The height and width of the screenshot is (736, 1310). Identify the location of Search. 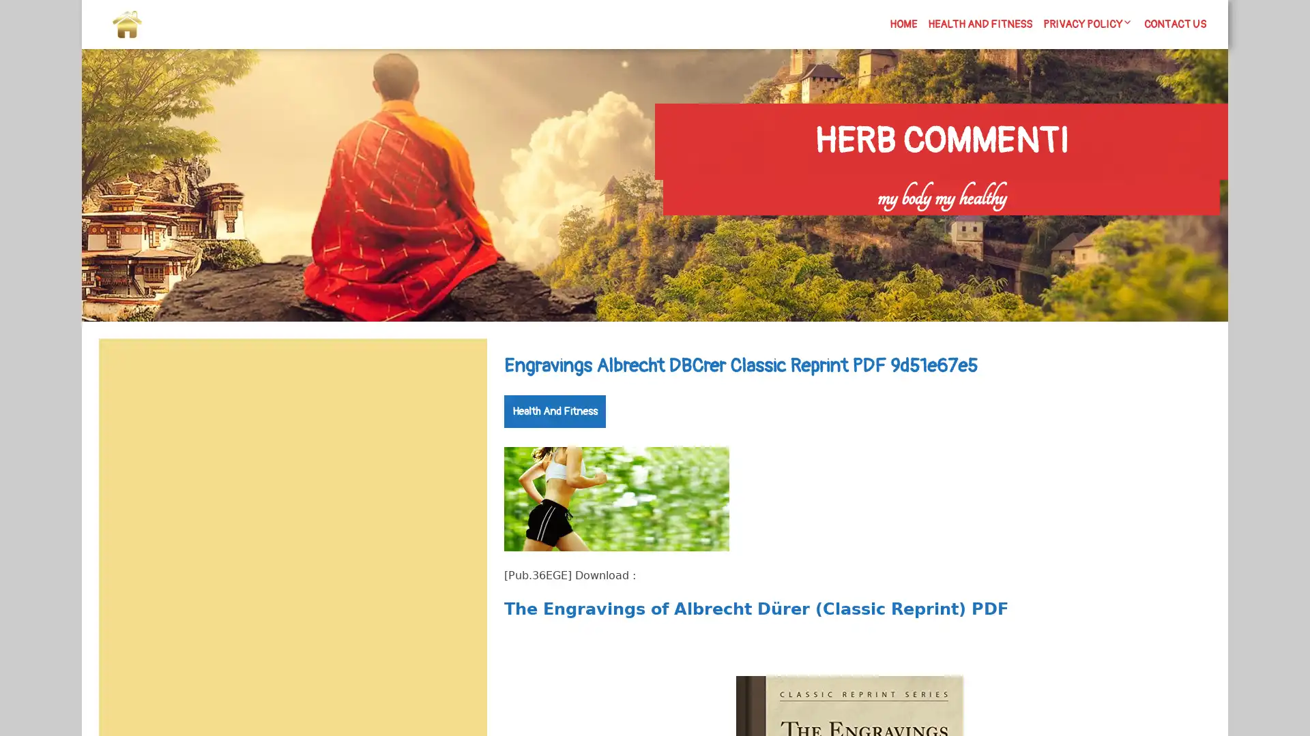
(455, 371).